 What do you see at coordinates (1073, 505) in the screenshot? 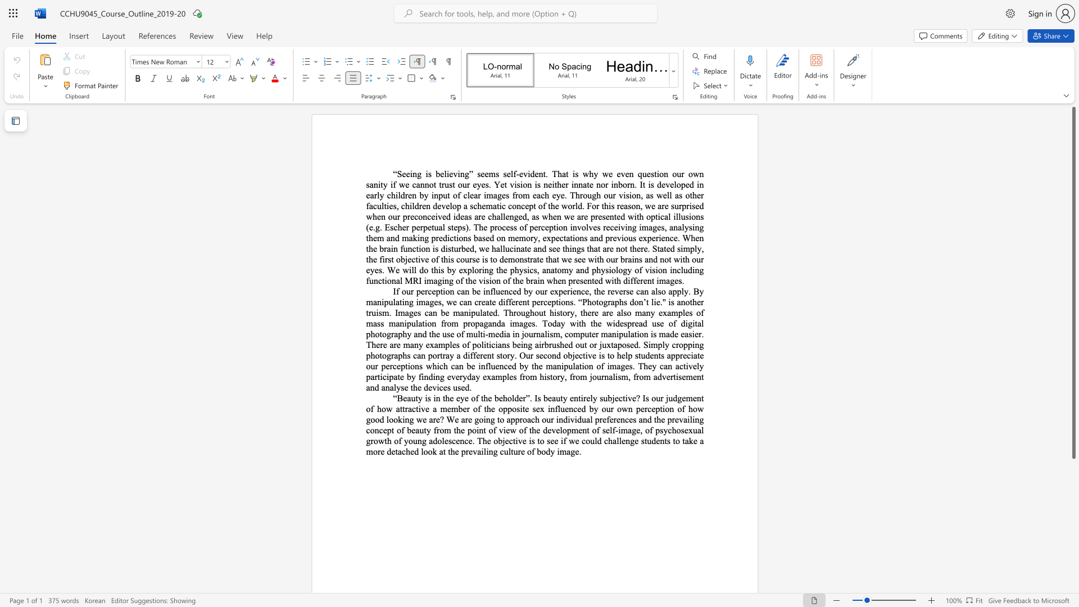
I see `the vertical scrollbar to lower the page content` at bounding box center [1073, 505].